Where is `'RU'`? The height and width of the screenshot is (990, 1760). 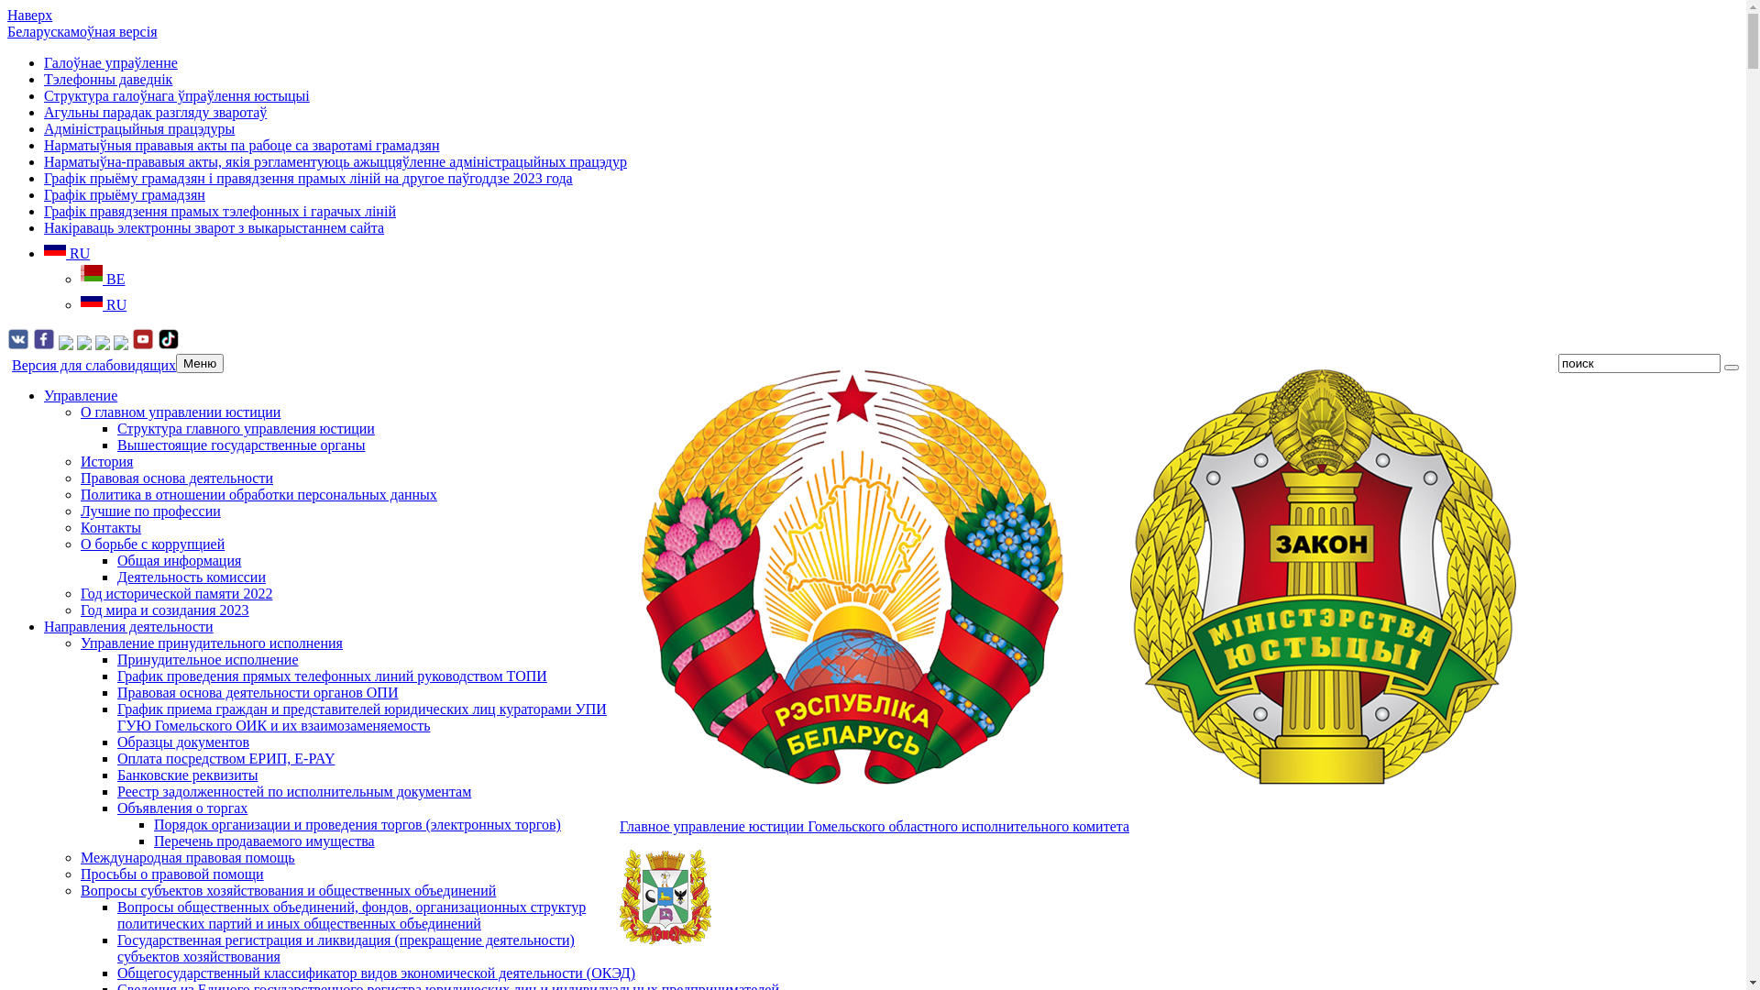
'RU' is located at coordinates (44, 253).